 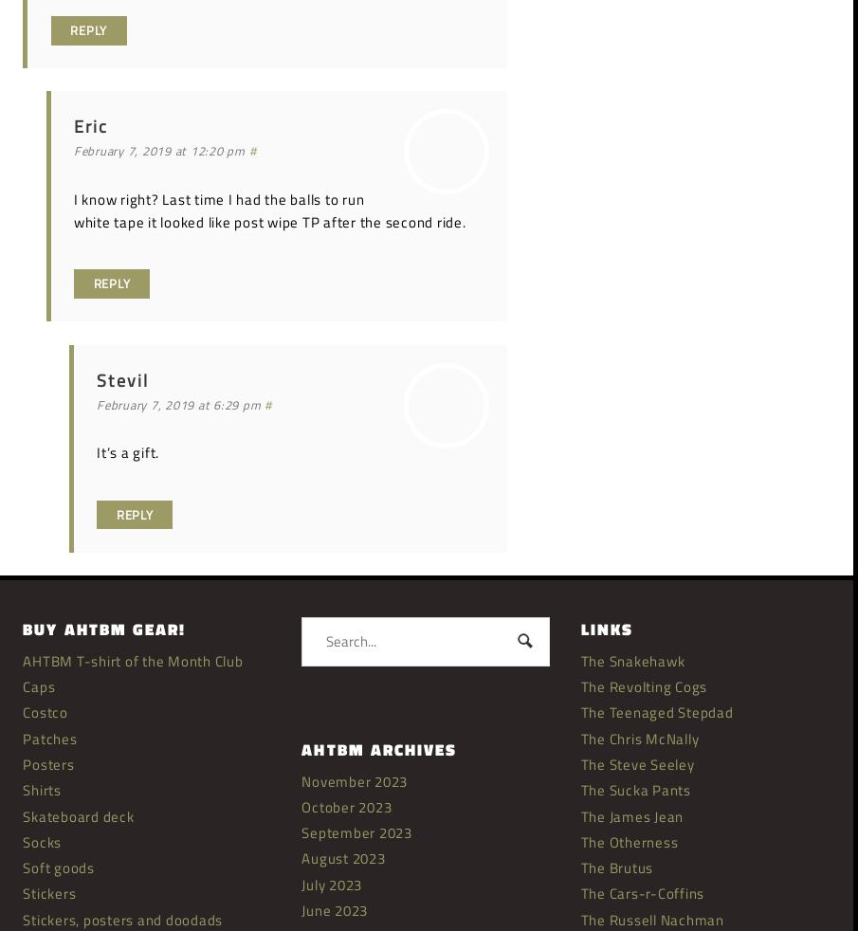 What do you see at coordinates (636, 763) in the screenshot?
I see `'The Steve Seeley'` at bounding box center [636, 763].